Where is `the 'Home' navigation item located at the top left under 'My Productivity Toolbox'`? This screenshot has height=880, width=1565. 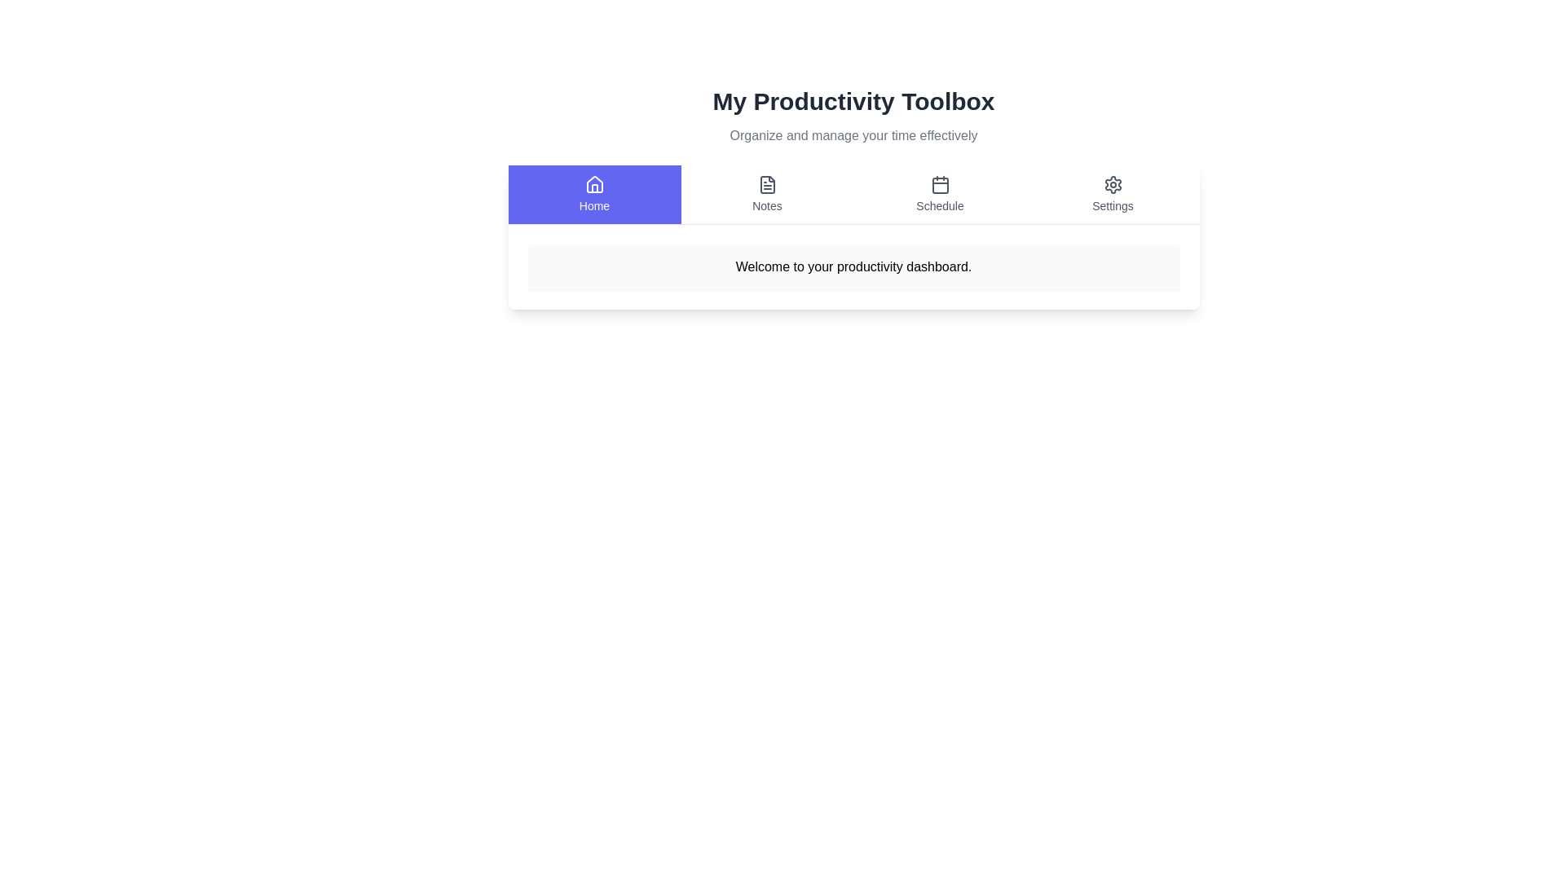
the 'Home' navigation item located at the top left under 'My Productivity Toolbox' is located at coordinates (593, 194).